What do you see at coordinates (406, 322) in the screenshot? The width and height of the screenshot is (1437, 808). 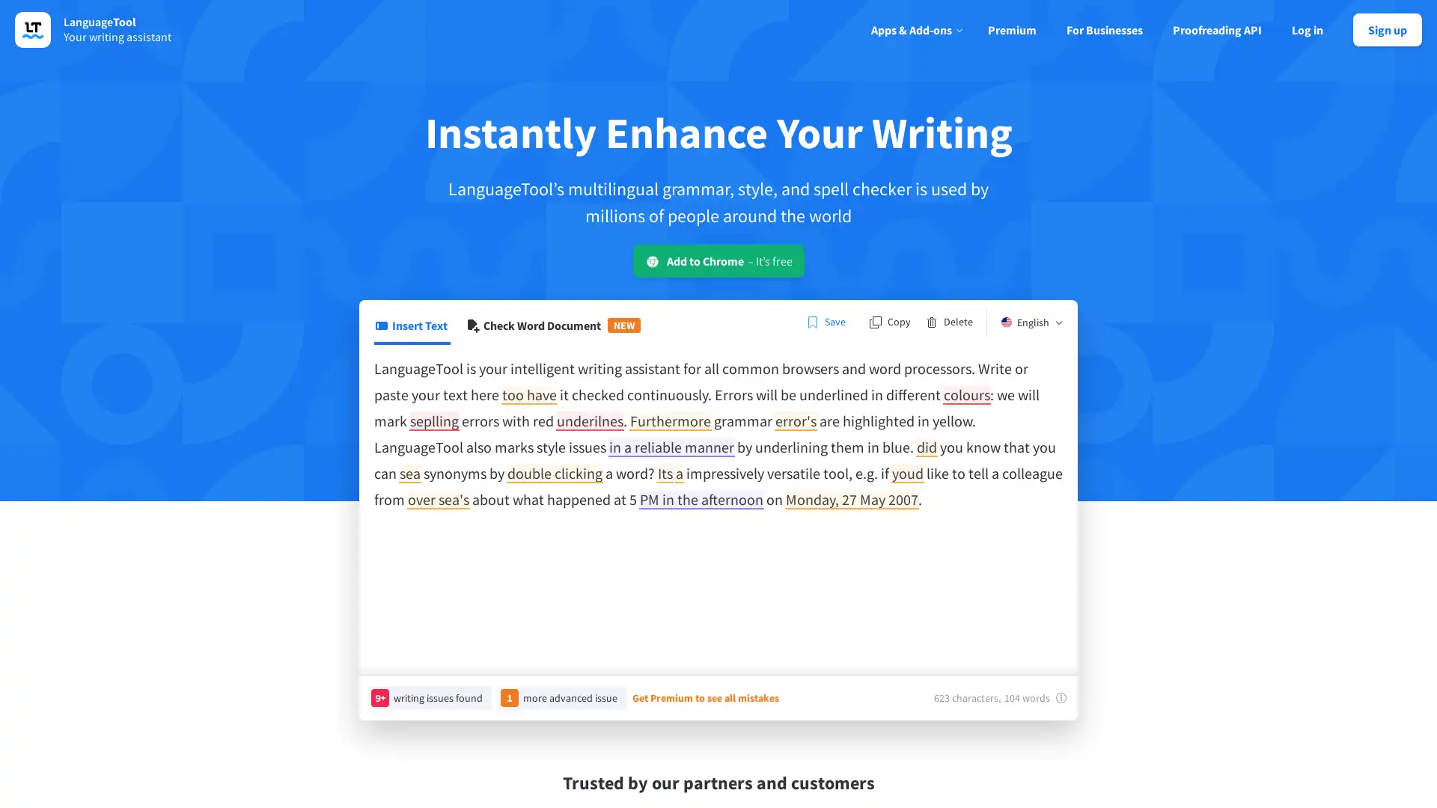 I see `Choose File` at bounding box center [406, 322].